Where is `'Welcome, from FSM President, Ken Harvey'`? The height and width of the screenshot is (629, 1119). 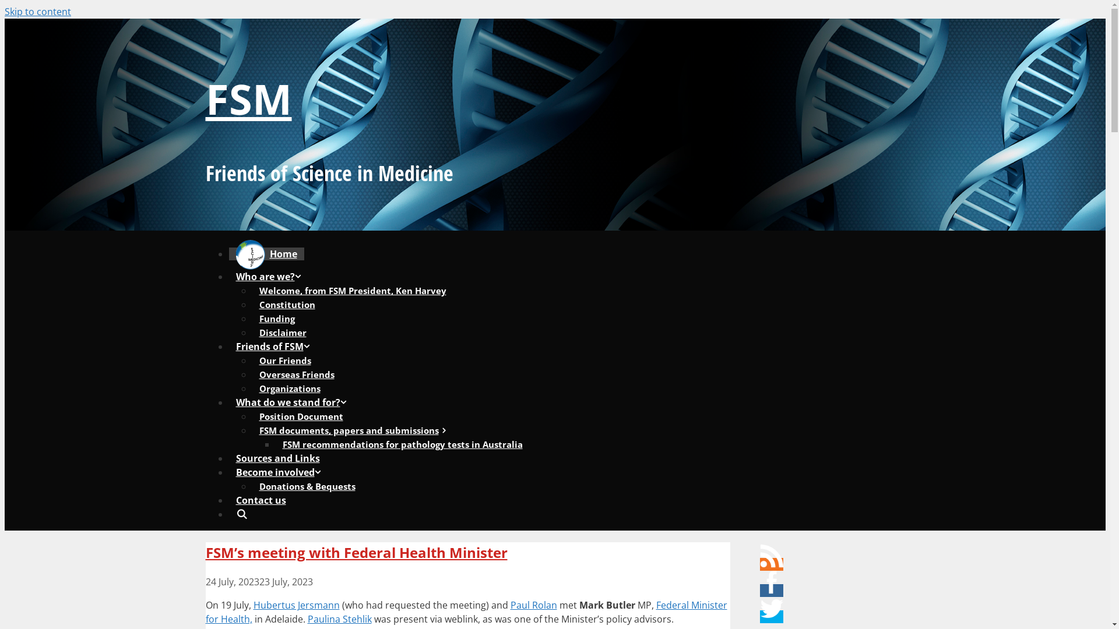 'Welcome, from FSM President, Ken Harvey' is located at coordinates (351, 289).